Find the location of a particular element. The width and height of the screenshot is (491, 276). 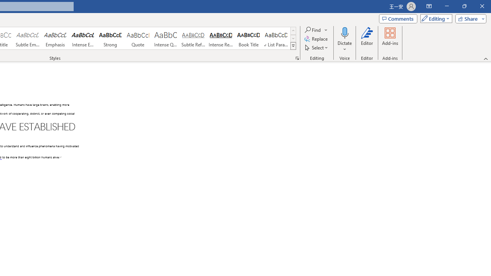

'Quote' is located at coordinates (138, 38).